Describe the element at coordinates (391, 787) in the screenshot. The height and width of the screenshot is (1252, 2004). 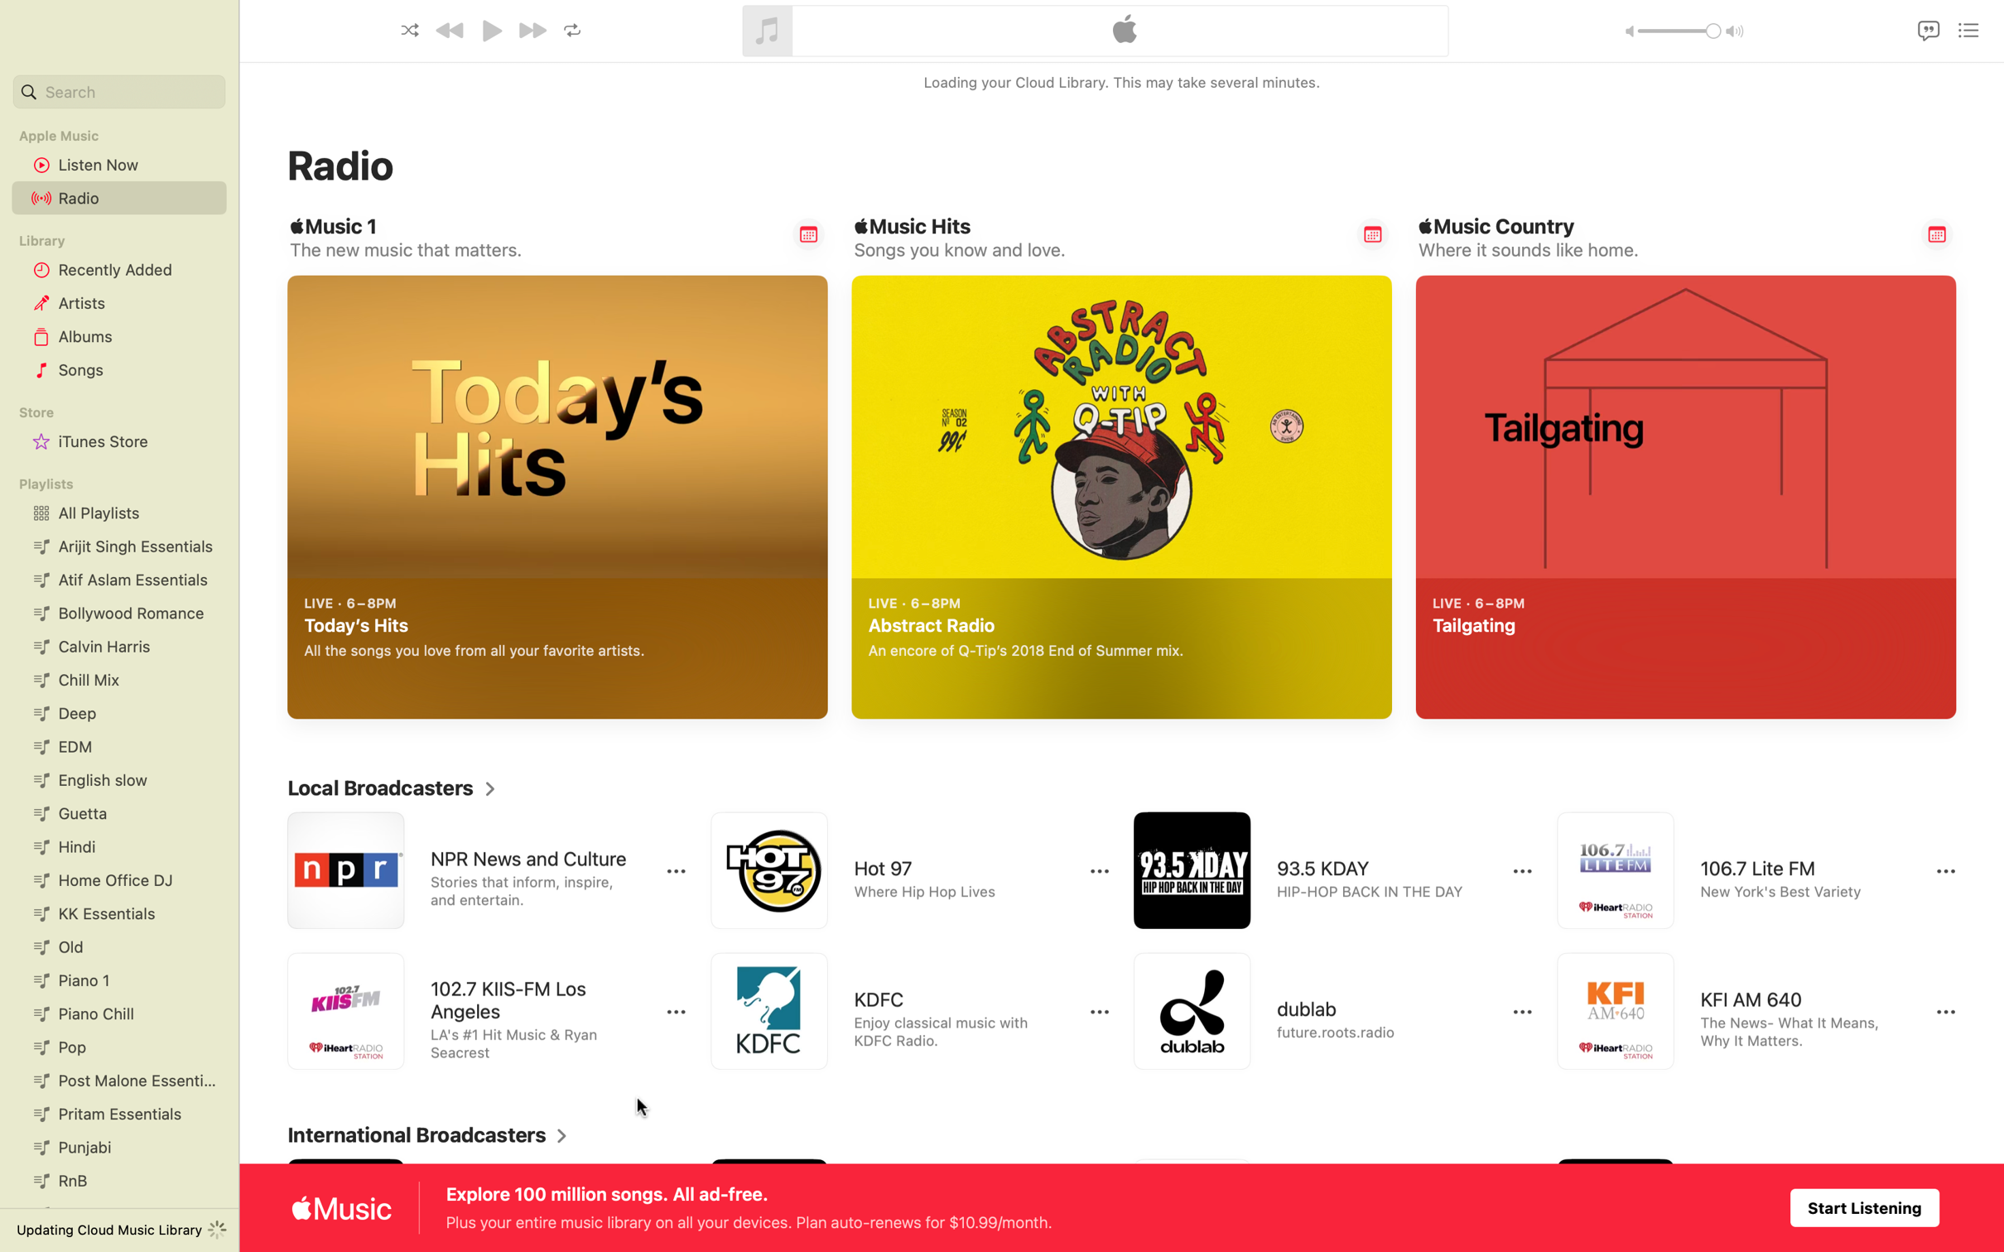
I see `Expand local broadcasters` at that location.